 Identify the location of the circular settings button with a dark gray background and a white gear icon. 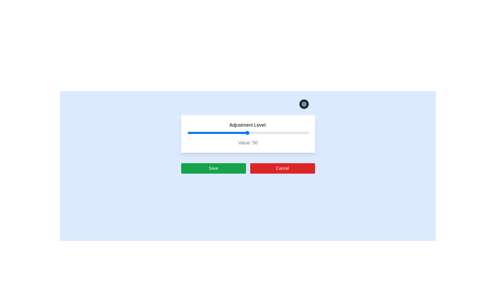
(304, 104).